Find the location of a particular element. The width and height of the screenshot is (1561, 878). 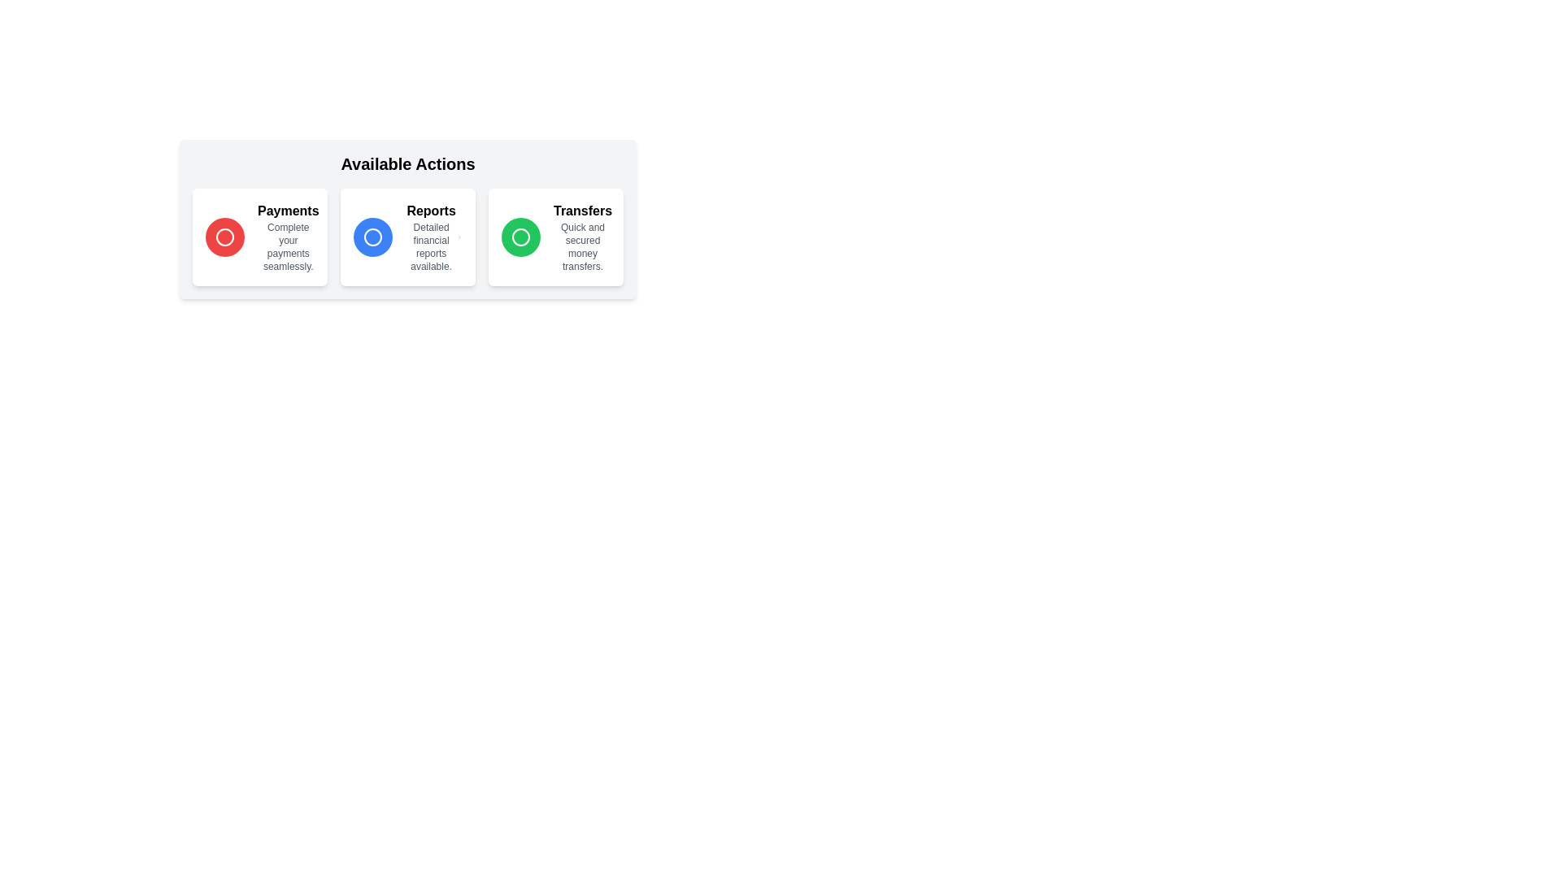

the static text that explains the functionality of the 'Transfers' feature, located beneath the 'Transfers' label in the rightmost column of the grid is located at coordinates (582, 247).